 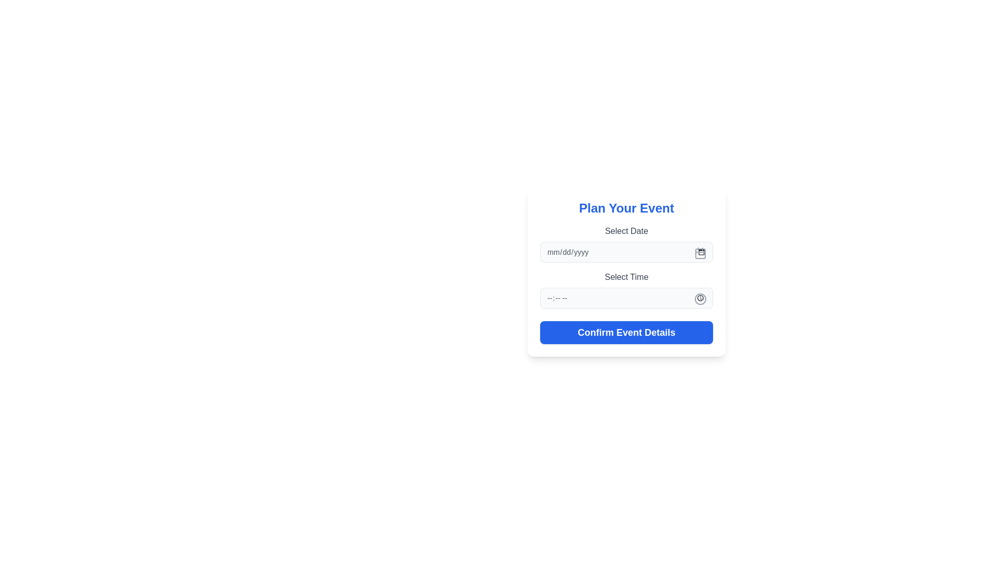 What do you see at coordinates (626, 231) in the screenshot?
I see `the Text Label positioned above the date input field in the 'Plan Your Event' form to clarify the field's function to the user` at bounding box center [626, 231].